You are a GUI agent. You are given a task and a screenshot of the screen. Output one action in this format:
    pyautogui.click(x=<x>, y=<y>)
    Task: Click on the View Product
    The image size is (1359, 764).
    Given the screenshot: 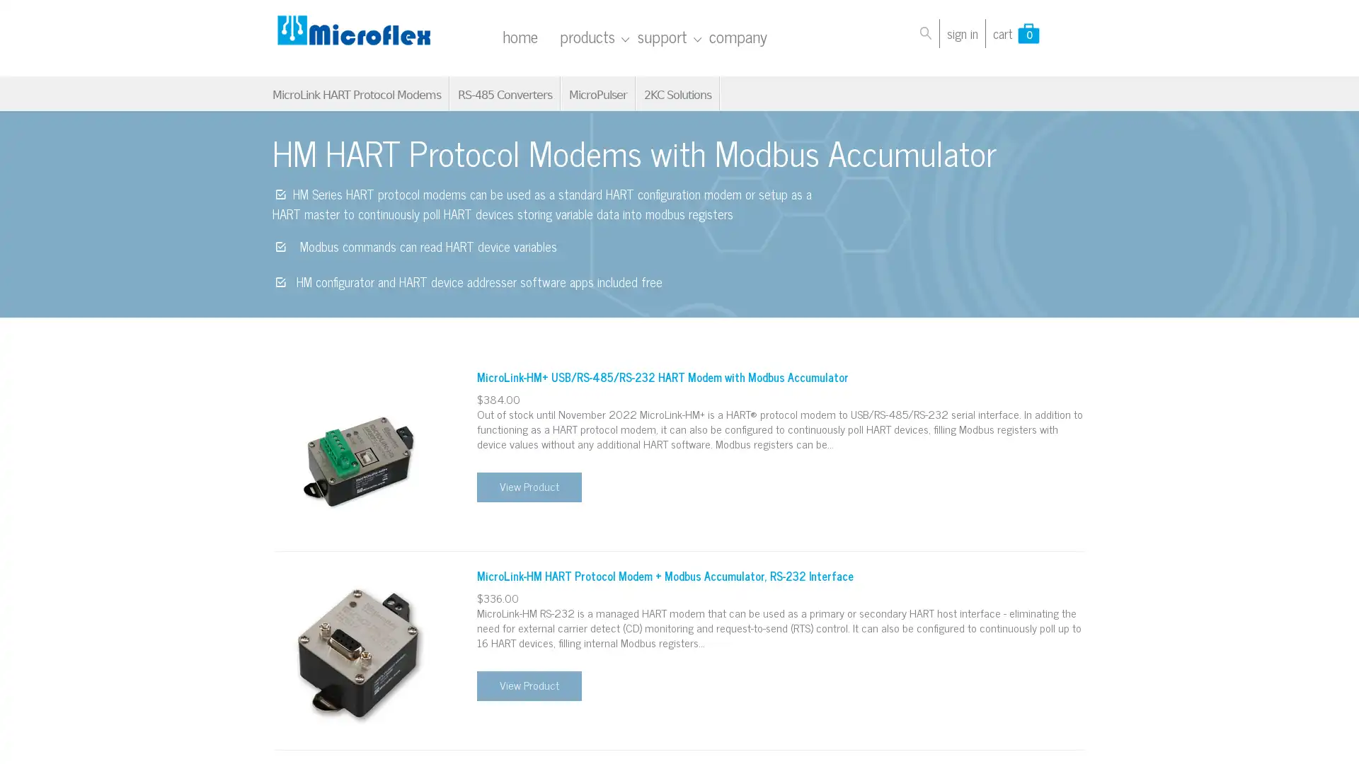 What is the action you would take?
    pyautogui.click(x=529, y=487)
    